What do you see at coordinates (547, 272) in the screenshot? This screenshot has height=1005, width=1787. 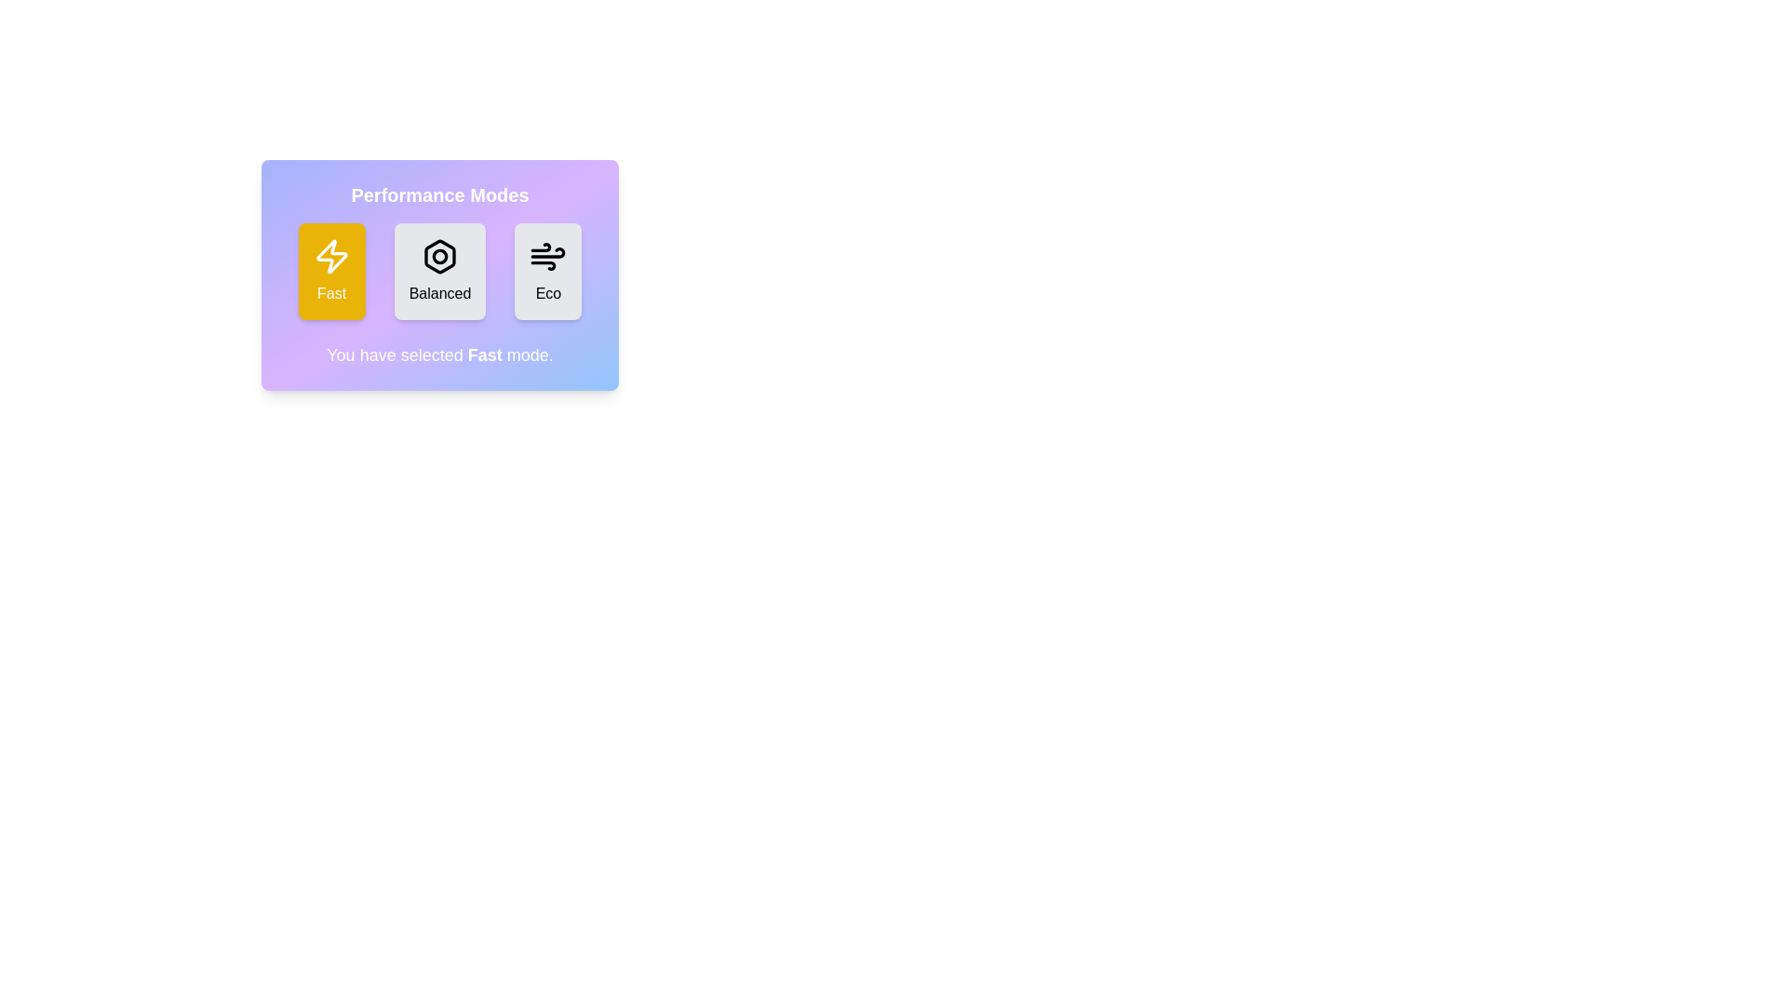 I see `the button corresponding to the mode 'Eco' to select it` at bounding box center [547, 272].